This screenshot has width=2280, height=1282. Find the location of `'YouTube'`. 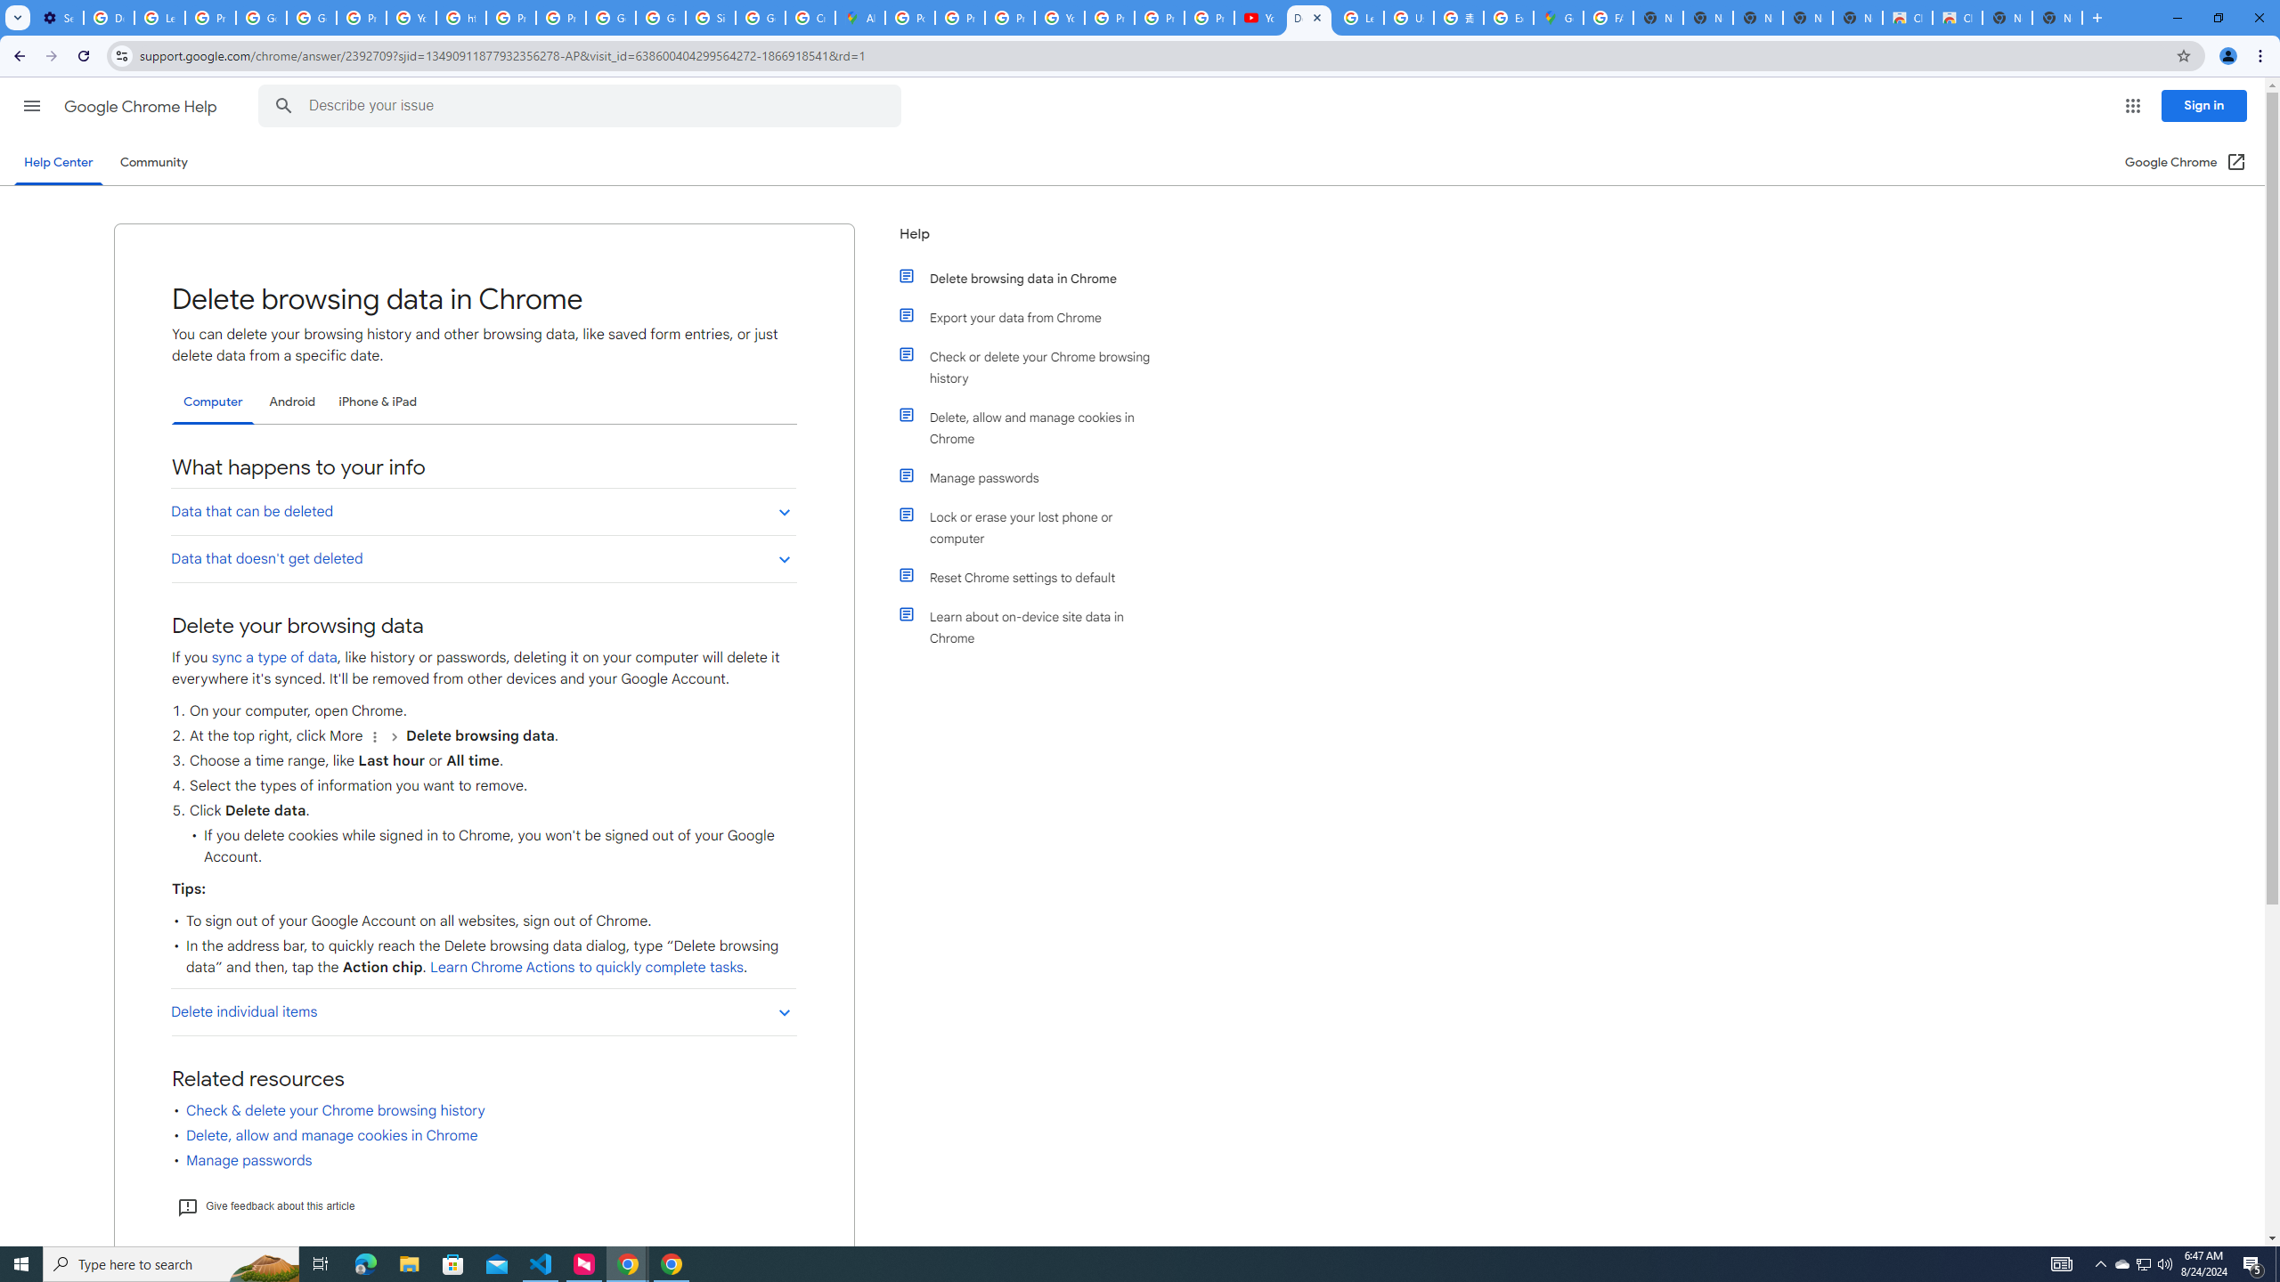

'YouTube' is located at coordinates (411, 17).